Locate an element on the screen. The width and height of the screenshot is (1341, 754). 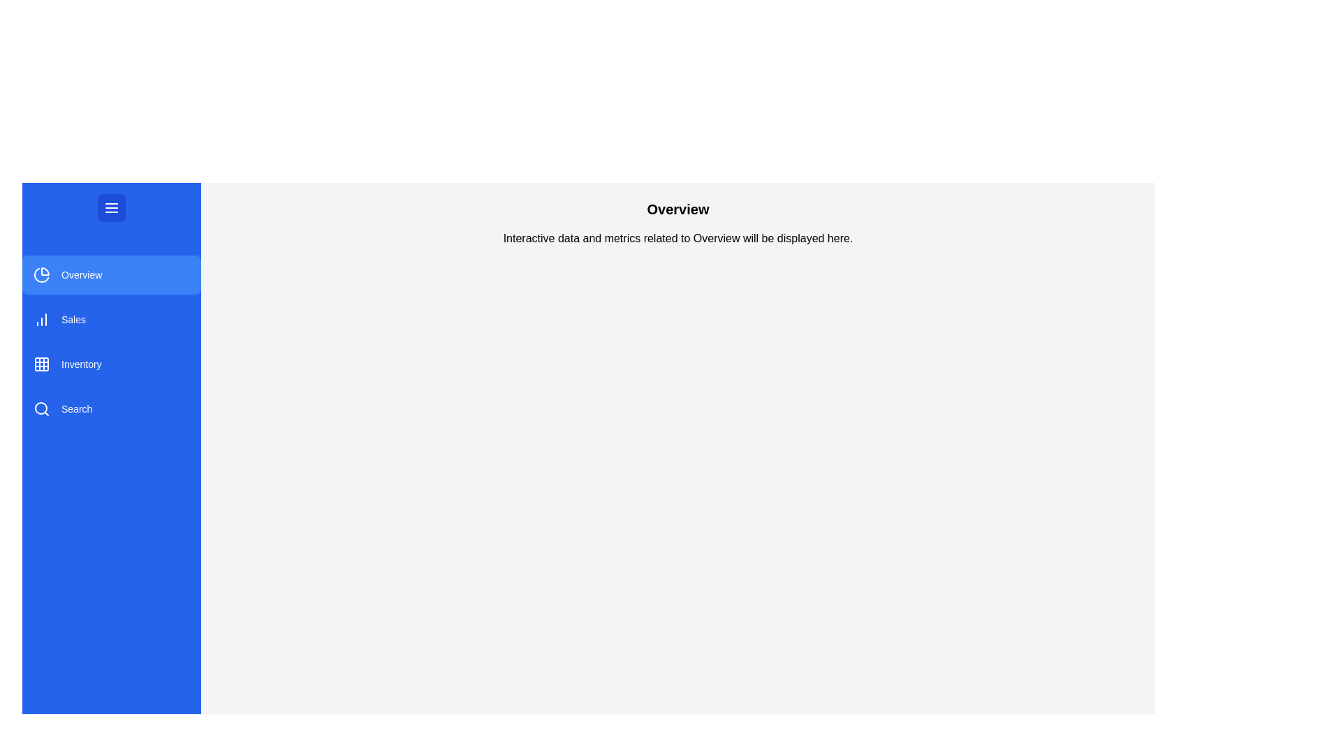
the module Search from the sidebar menu is located at coordinates (110, 408).